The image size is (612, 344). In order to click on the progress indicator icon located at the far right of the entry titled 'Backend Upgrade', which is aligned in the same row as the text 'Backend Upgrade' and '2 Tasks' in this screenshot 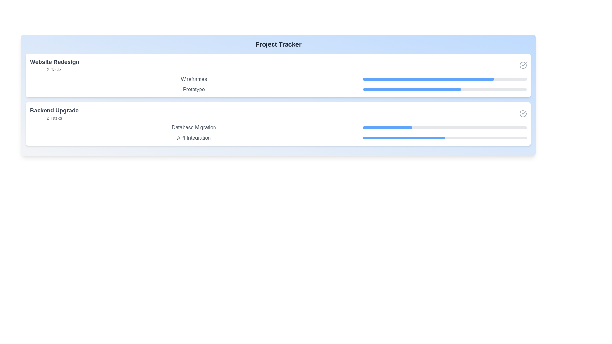, I will do `click(523, 113)`.